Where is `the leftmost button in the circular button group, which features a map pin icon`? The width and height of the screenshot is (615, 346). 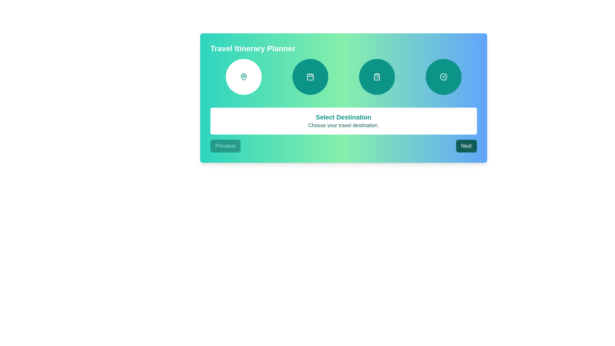 the leftmost button in the circular button group, which features a map pin icon is located at coordinates (243, 76).